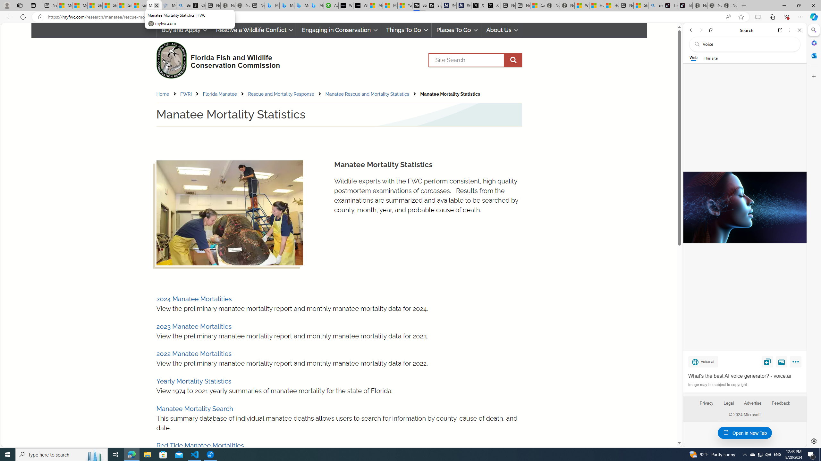 The image size is (821, 461). What do you see at coordinates (316, 5) in the screenshot?
I see `'Microsoft Bing Travel - Shangri-La Hotel Bangkok'` at bounding box center [316, 5].